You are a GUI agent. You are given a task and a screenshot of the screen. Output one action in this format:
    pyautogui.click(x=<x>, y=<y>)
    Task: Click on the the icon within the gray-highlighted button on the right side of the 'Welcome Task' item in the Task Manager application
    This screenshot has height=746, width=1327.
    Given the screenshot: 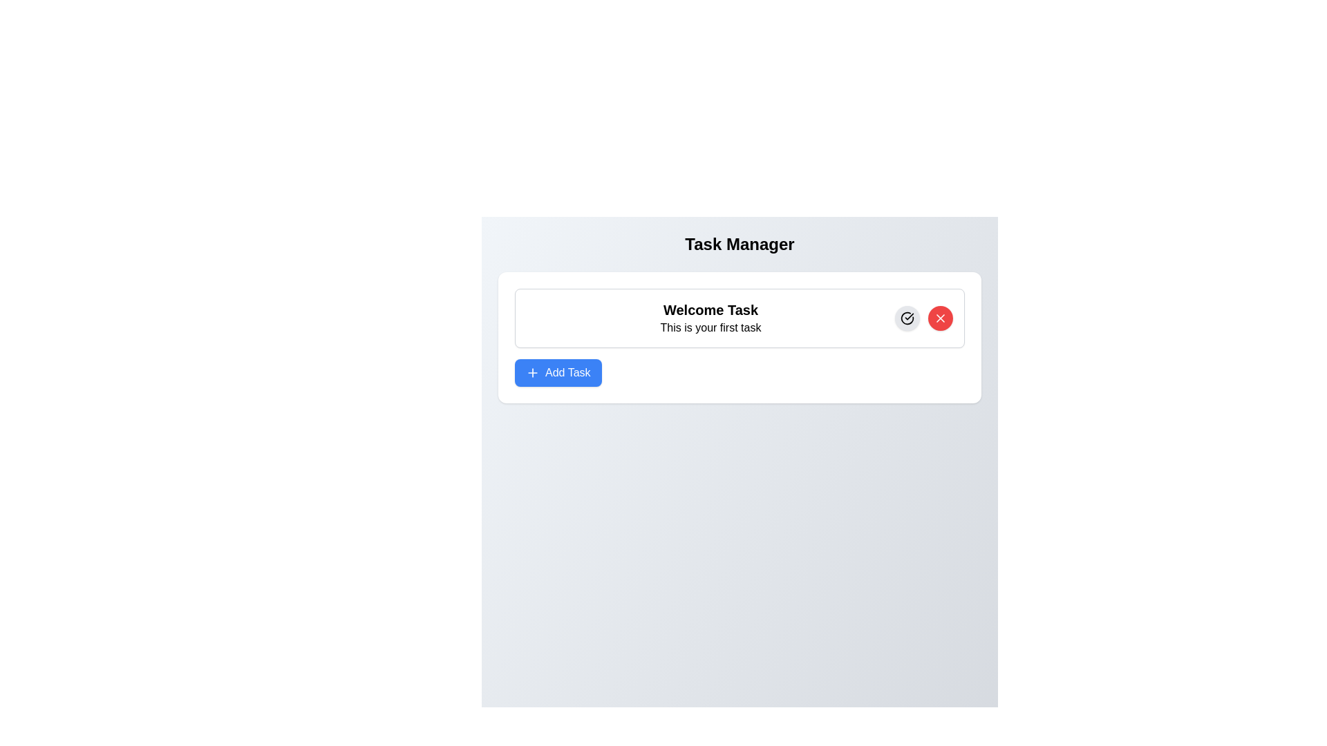 What is the action you would take?
    pyautogui.click(x=907, y=318)
    